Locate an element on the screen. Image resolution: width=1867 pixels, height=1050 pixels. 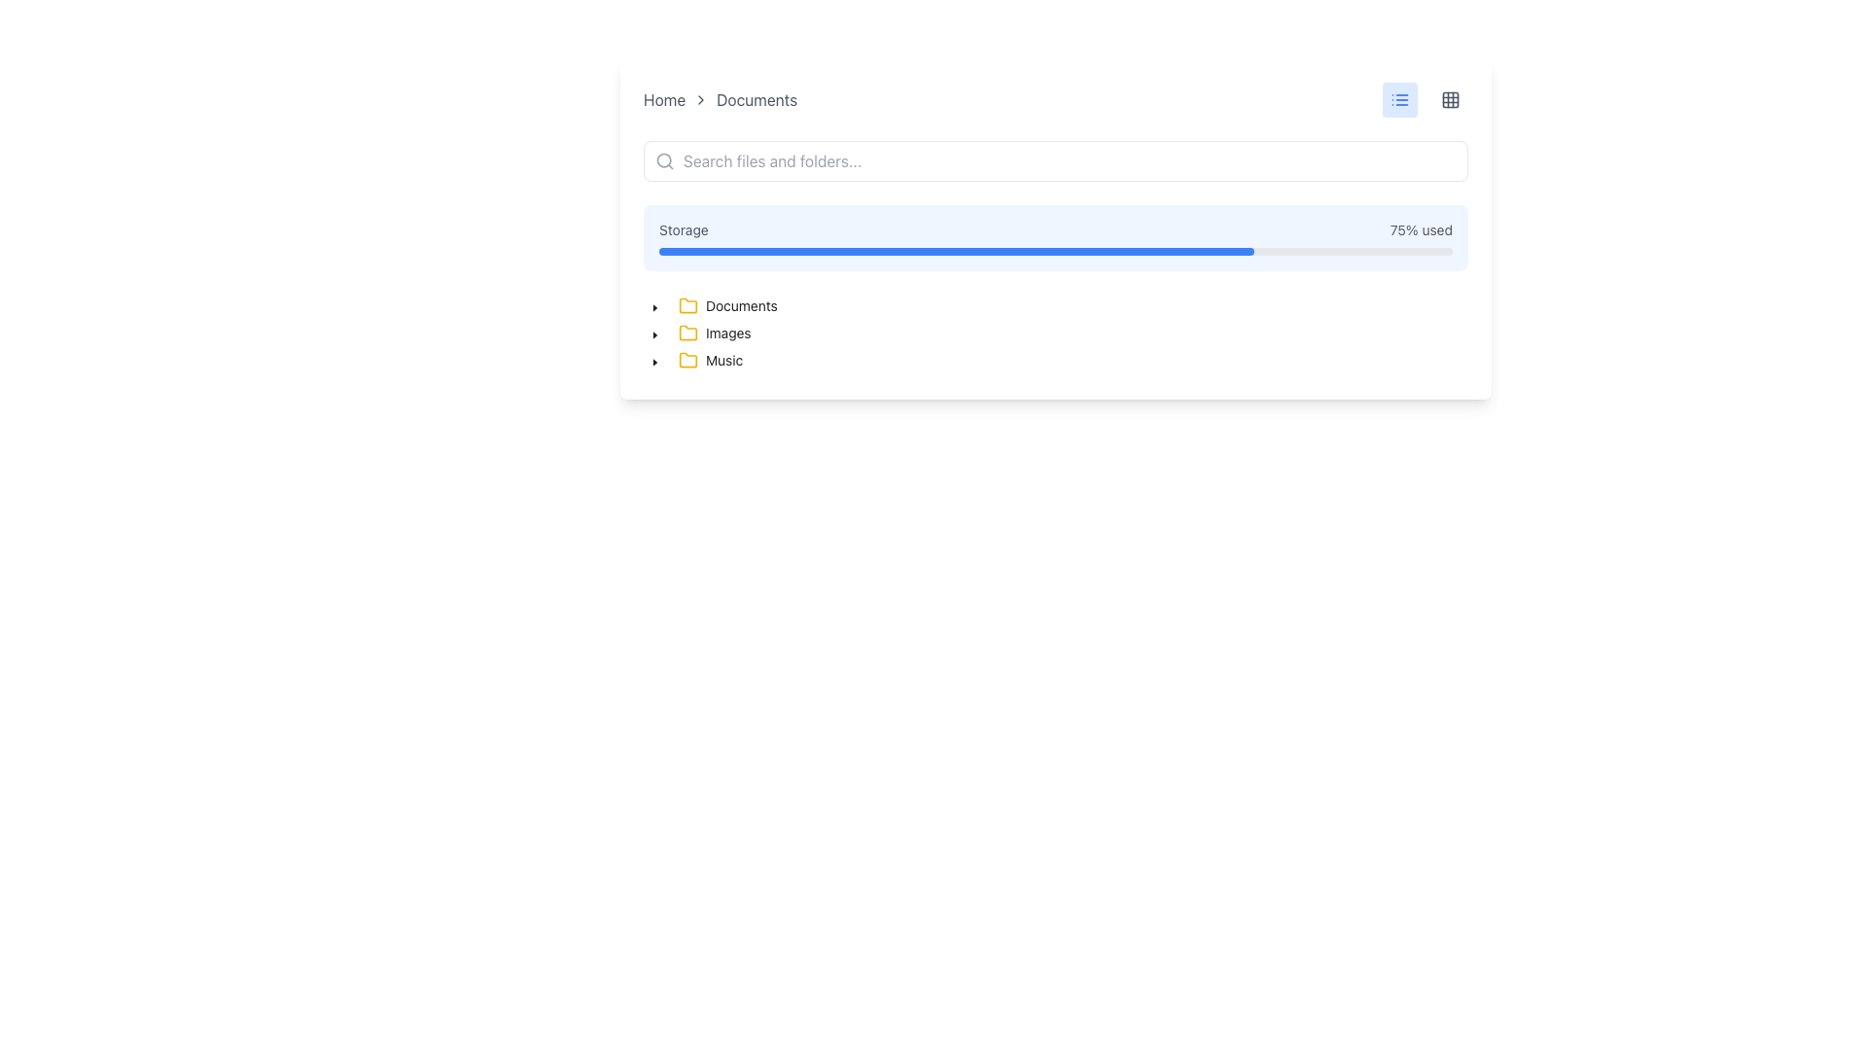
the downward pointing triangular icon (Caret Down) located to the left of the 'Documents' item in the tree view list is located at coordinates (654, 306).